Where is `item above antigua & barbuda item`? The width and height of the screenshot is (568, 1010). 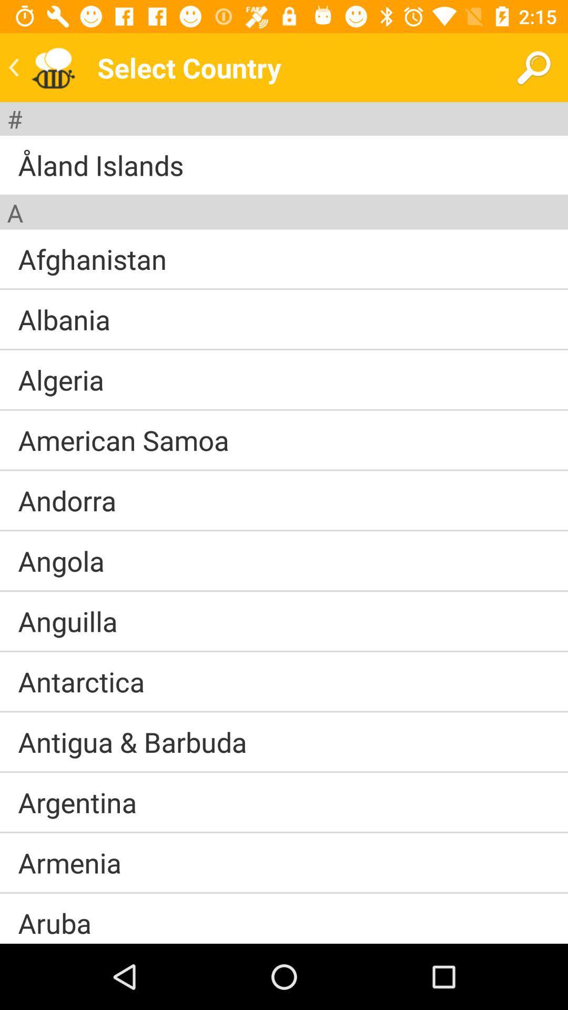
item above antigua & barbuda item is located at coordinates (284, 712).